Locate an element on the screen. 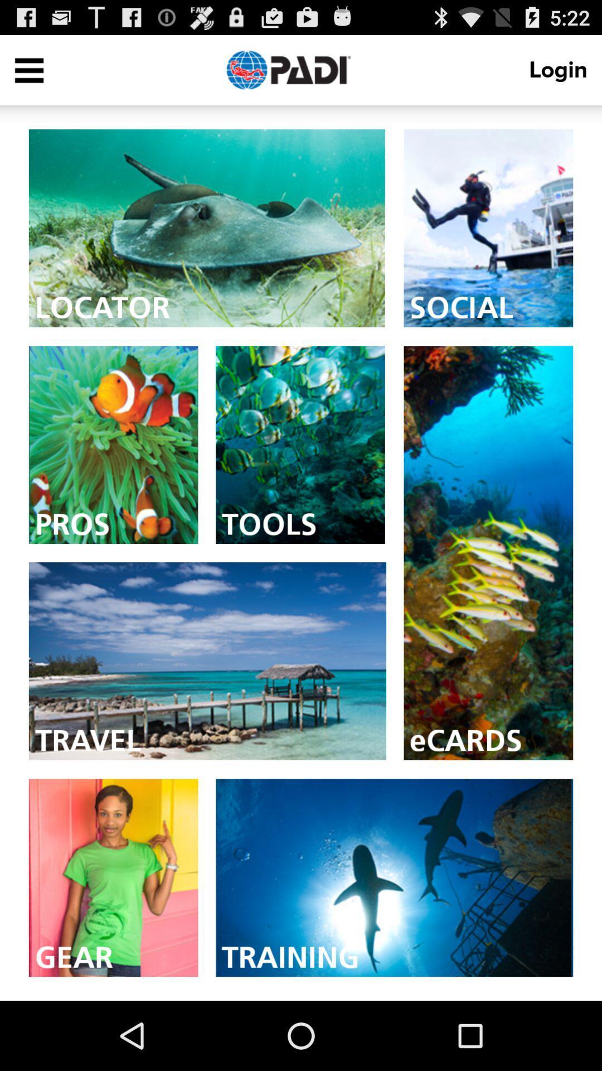  item at the top left corner is located at coordinates (28, 69).